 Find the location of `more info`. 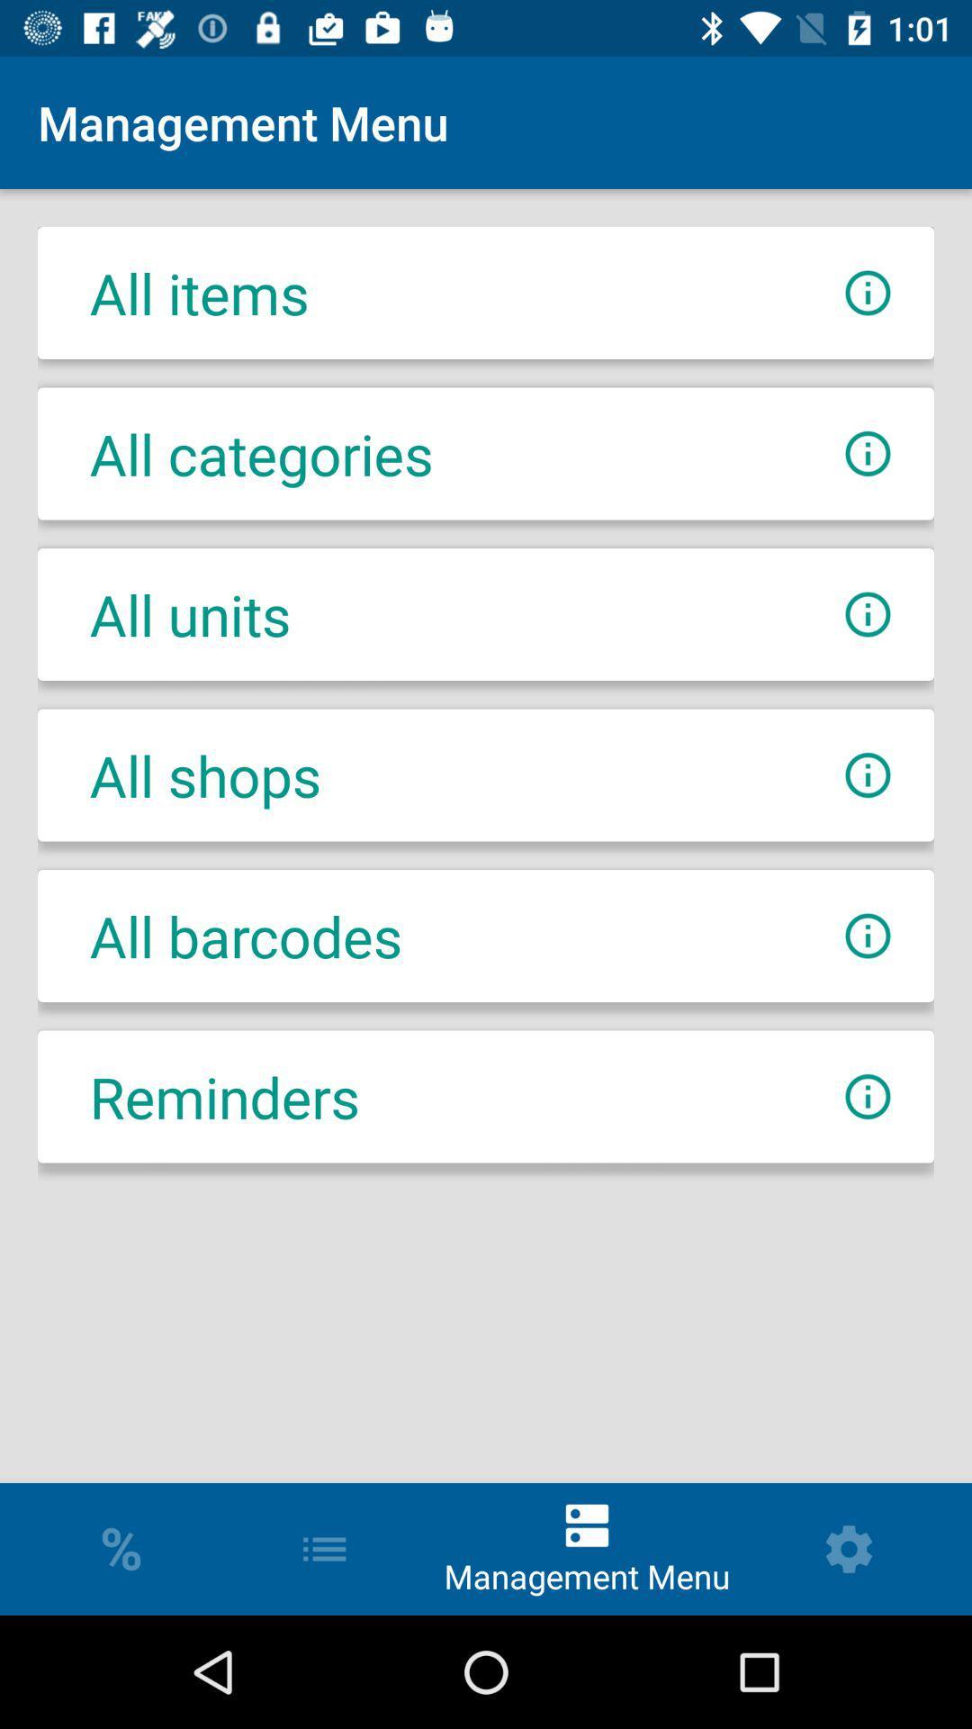

more info is located at coordinates (867, 614).